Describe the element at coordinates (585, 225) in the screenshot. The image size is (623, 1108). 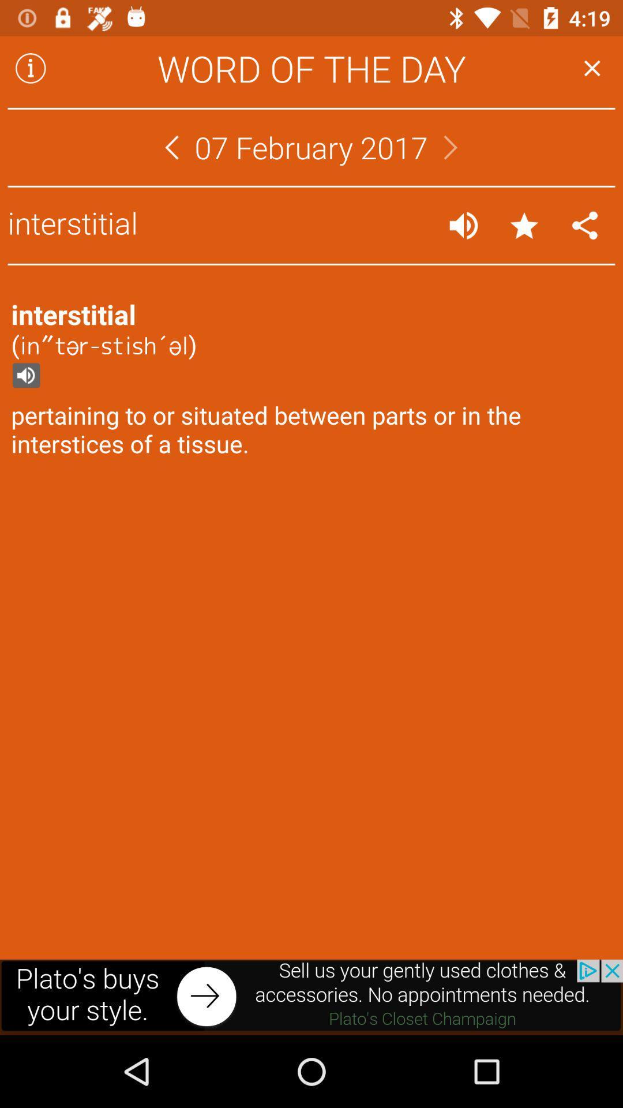
I see `share` at that location.